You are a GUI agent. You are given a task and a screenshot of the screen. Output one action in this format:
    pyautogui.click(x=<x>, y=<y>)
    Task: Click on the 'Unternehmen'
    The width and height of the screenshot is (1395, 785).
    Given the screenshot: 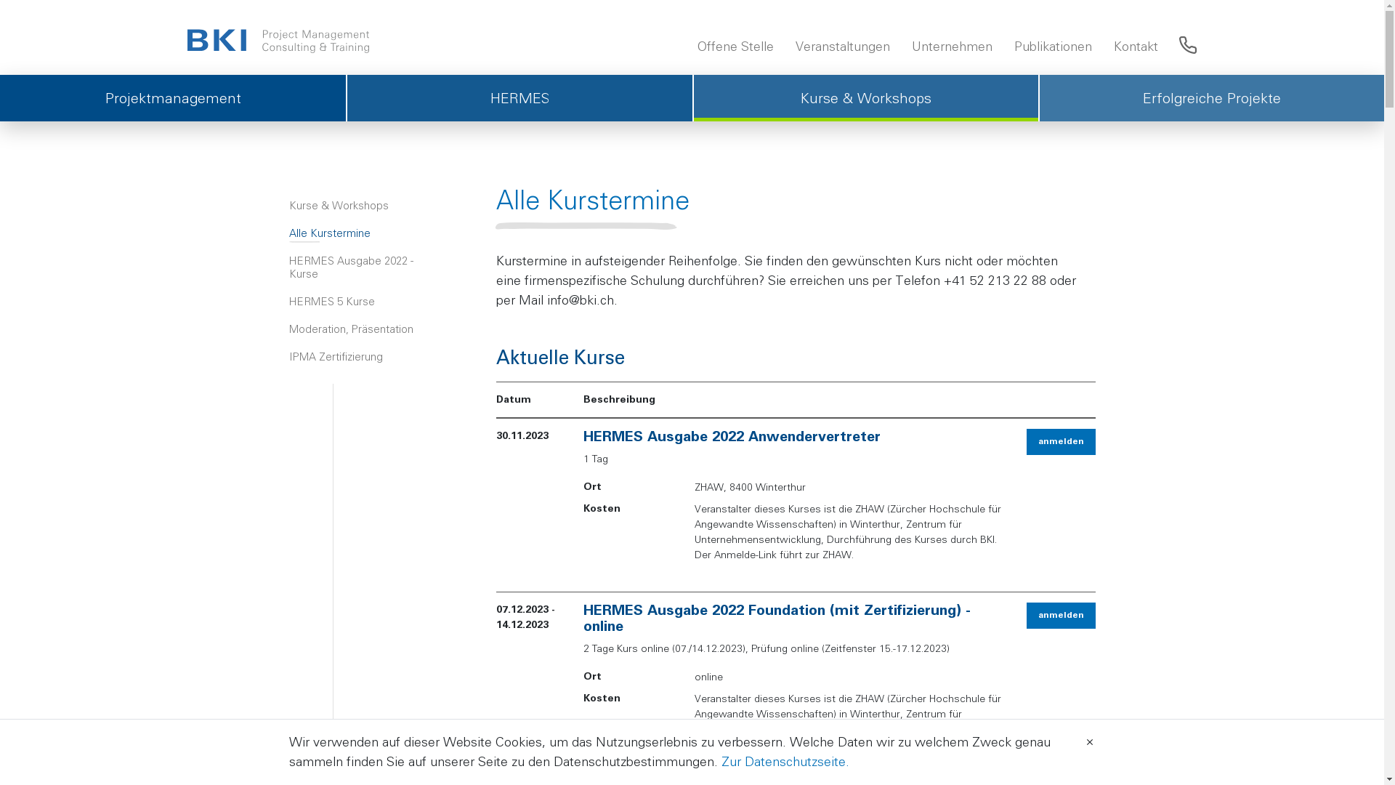 What is the action you would take?
    pyautogui.click(x=952, y=46)
    